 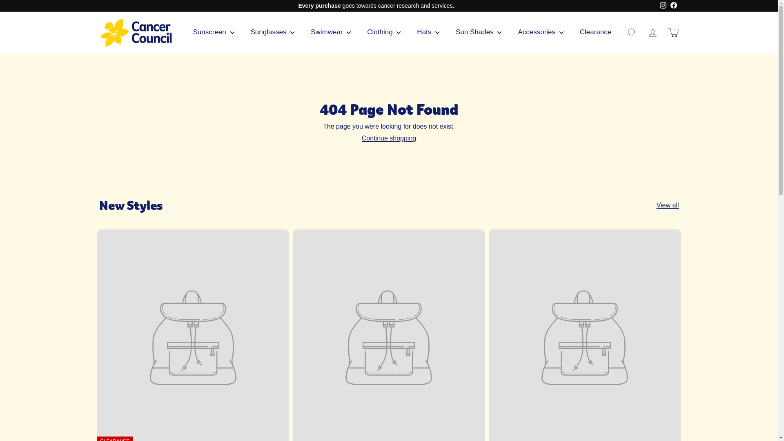 What do you see at coordinates (652, 32) in the screenshot?
I see `'Account'` at bounding box center [652, 32].